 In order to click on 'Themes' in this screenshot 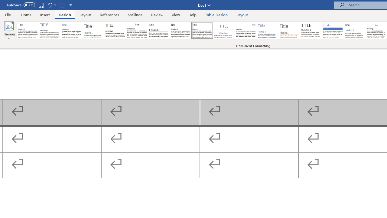, I will do `click(9, 31)`.